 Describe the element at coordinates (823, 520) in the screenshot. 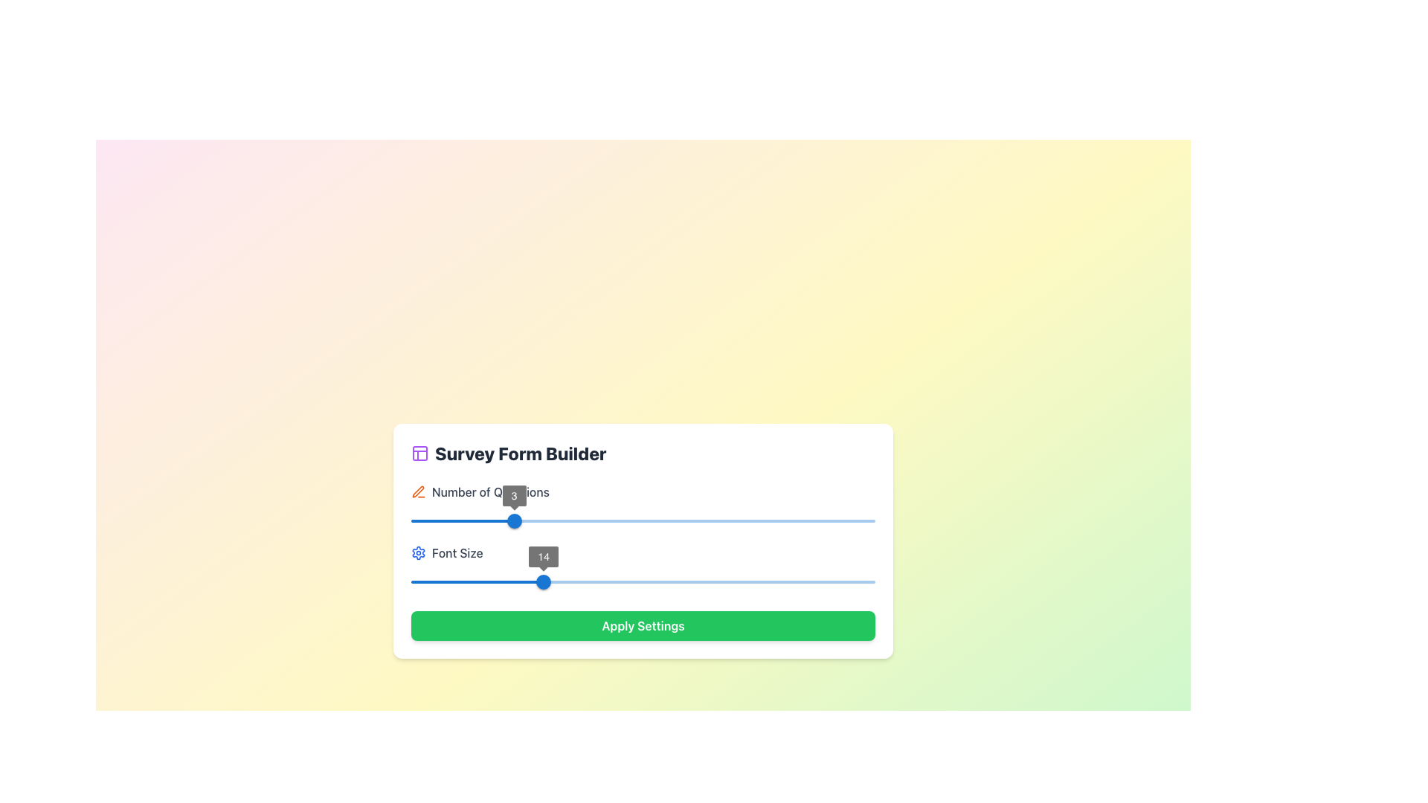

I see `the number of questions` at that location.